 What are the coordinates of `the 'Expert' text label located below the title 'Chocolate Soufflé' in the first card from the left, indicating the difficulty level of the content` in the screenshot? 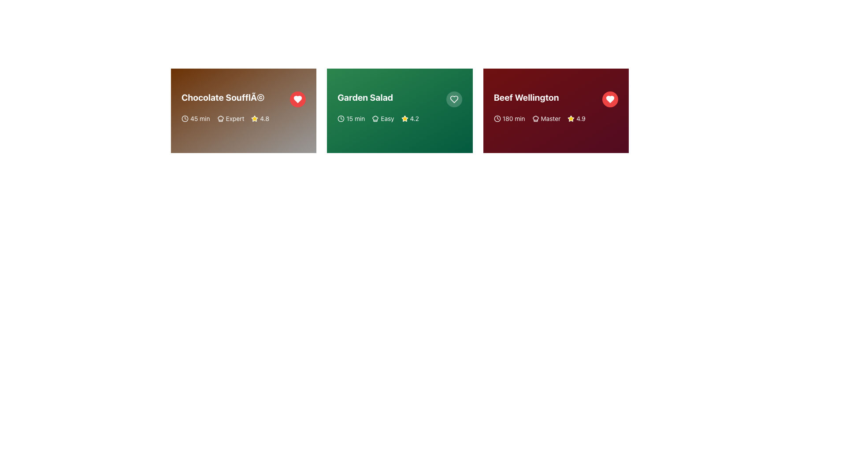 It's located at (235, 119).